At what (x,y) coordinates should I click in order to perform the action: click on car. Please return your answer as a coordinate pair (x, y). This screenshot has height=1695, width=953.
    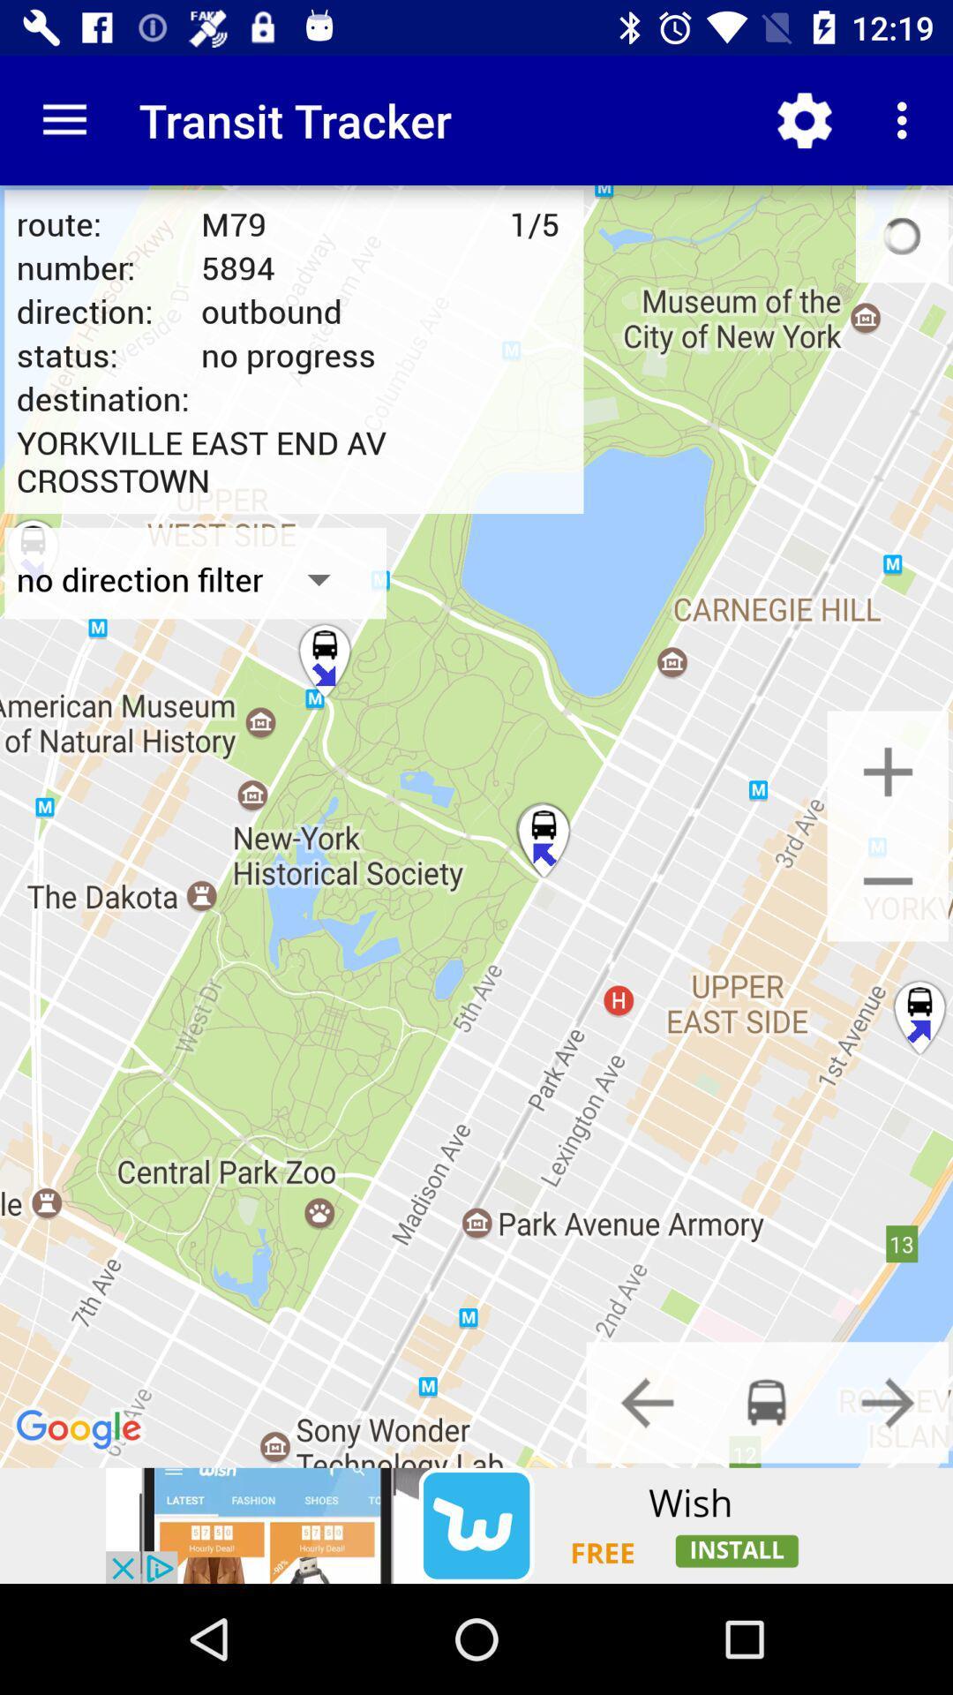
    Looking at the image, I should click on (766, 1401).